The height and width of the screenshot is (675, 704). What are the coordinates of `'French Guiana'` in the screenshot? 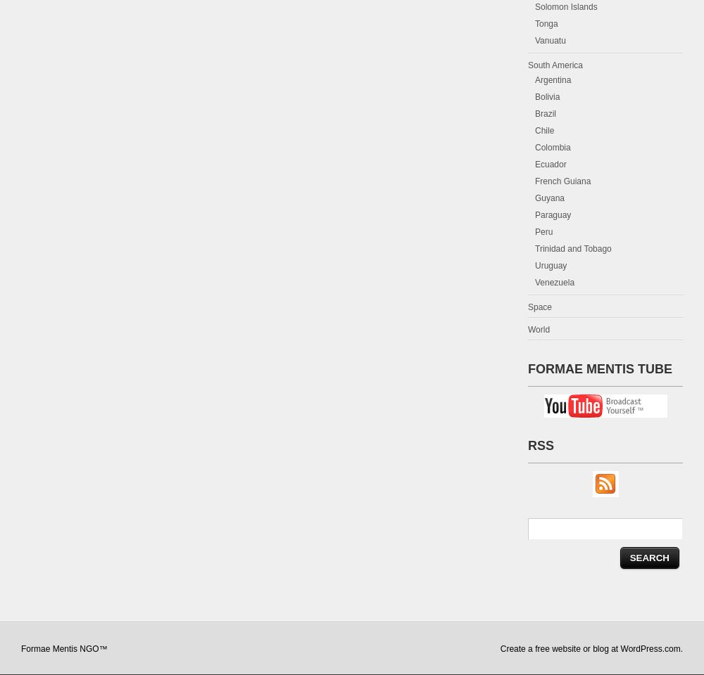 It's located at (562, 181).